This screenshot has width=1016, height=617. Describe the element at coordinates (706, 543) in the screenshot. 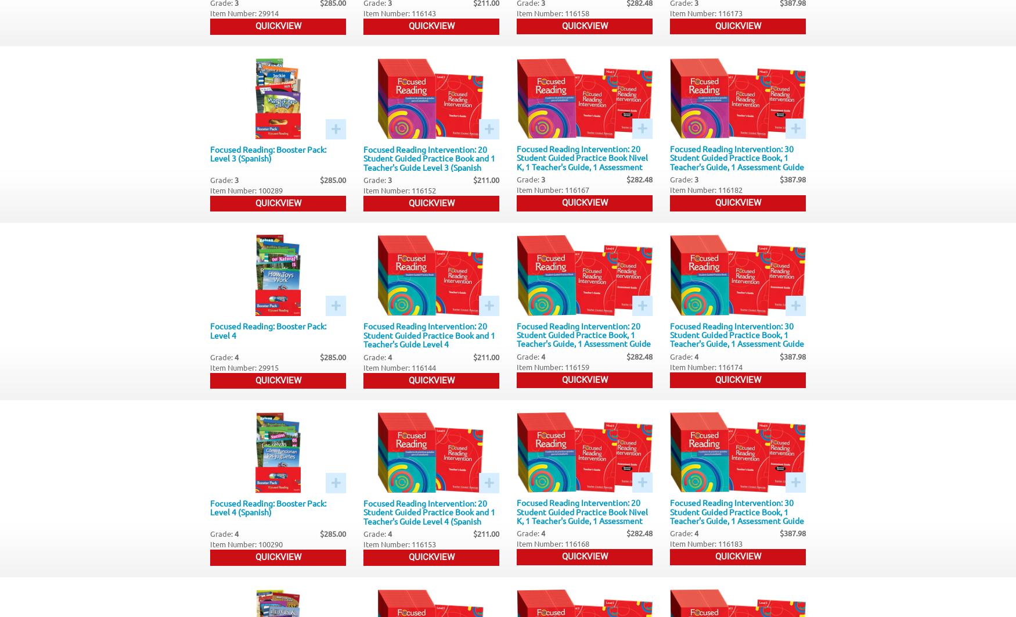

I see `'Item Number: 116183'` at that location.